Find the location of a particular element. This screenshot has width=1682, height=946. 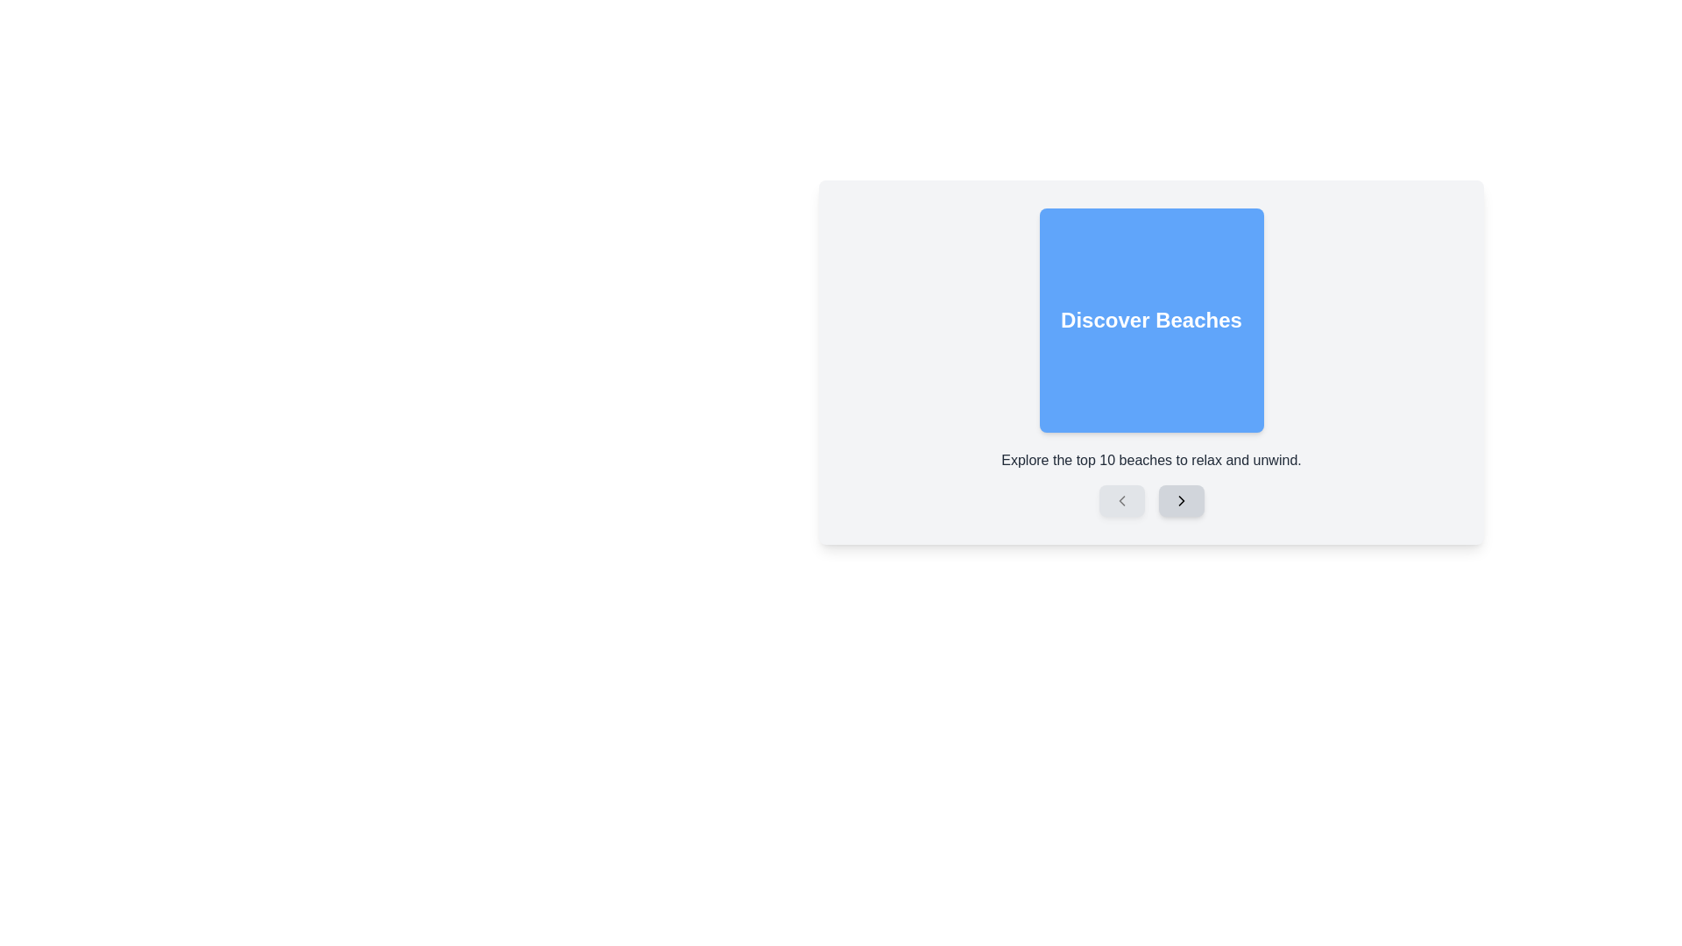

the rightward-pointing chevron icon indicating forward navigation, which is part of a button beside a leftward-pointing arrow button, located below the text 'Explore the top 10 beaches to relax and unwind' is located at coordinates (1181, 500).